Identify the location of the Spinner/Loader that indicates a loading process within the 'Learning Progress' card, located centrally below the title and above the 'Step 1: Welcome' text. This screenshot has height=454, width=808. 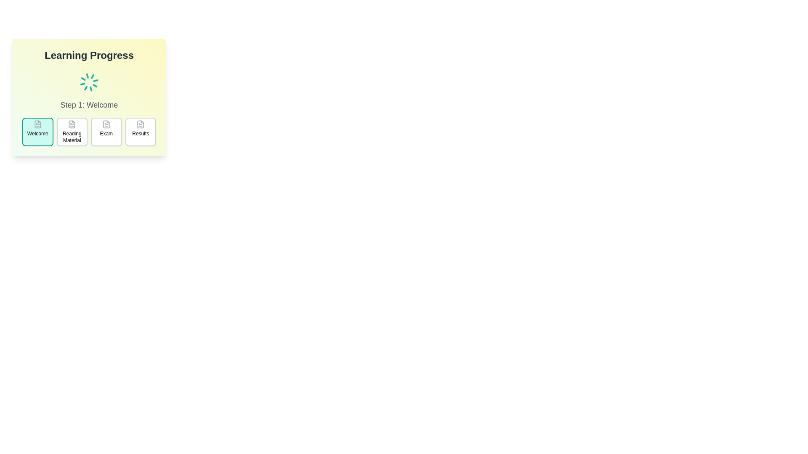
(89, 82).